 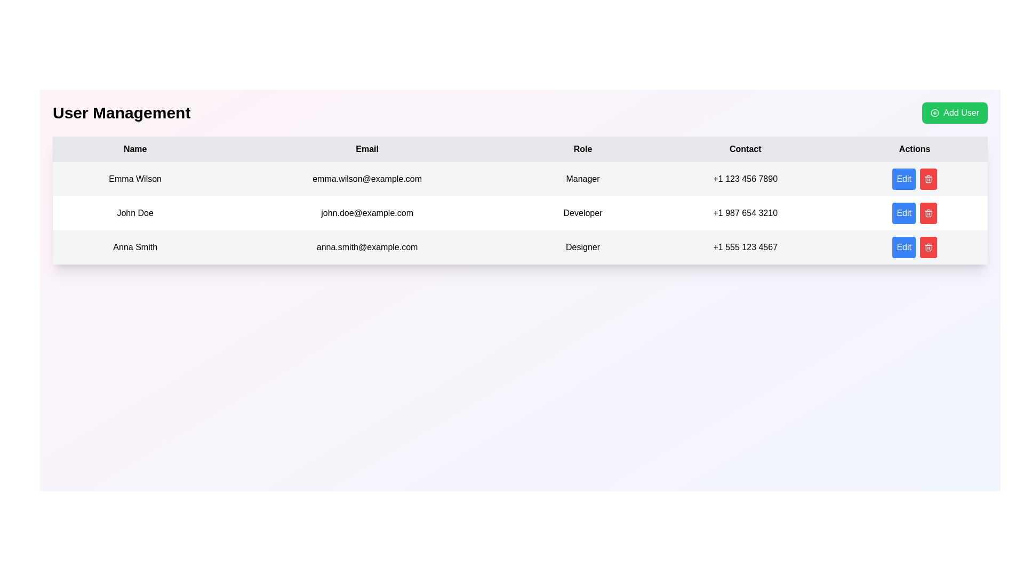 What do you see at coordinates (745, 178) in the screenshot?
I see `the text label displaying the contact phone number in the fourth column of the first row under the 'Contact' header` at bounding box center [745, 178].